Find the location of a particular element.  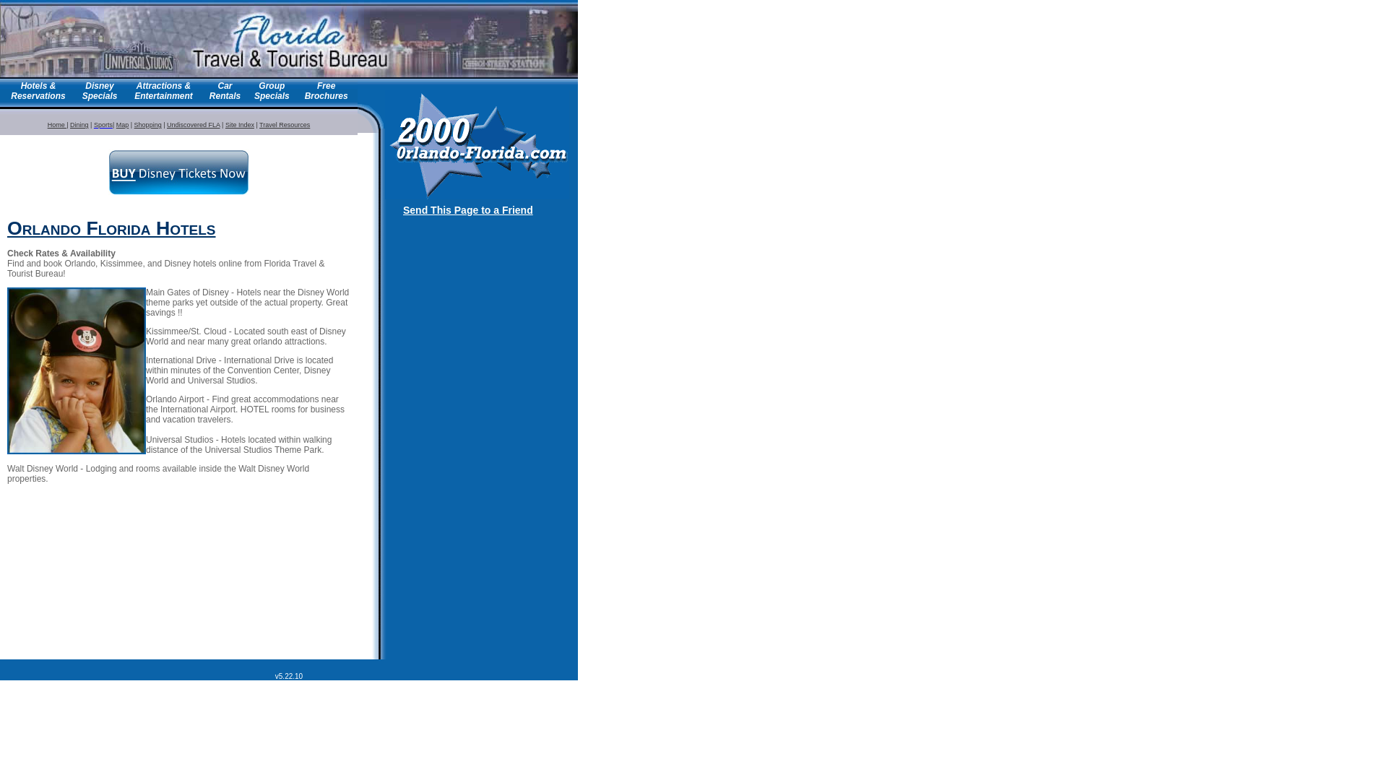

'Shopping' is located at coordinates (148, 124).